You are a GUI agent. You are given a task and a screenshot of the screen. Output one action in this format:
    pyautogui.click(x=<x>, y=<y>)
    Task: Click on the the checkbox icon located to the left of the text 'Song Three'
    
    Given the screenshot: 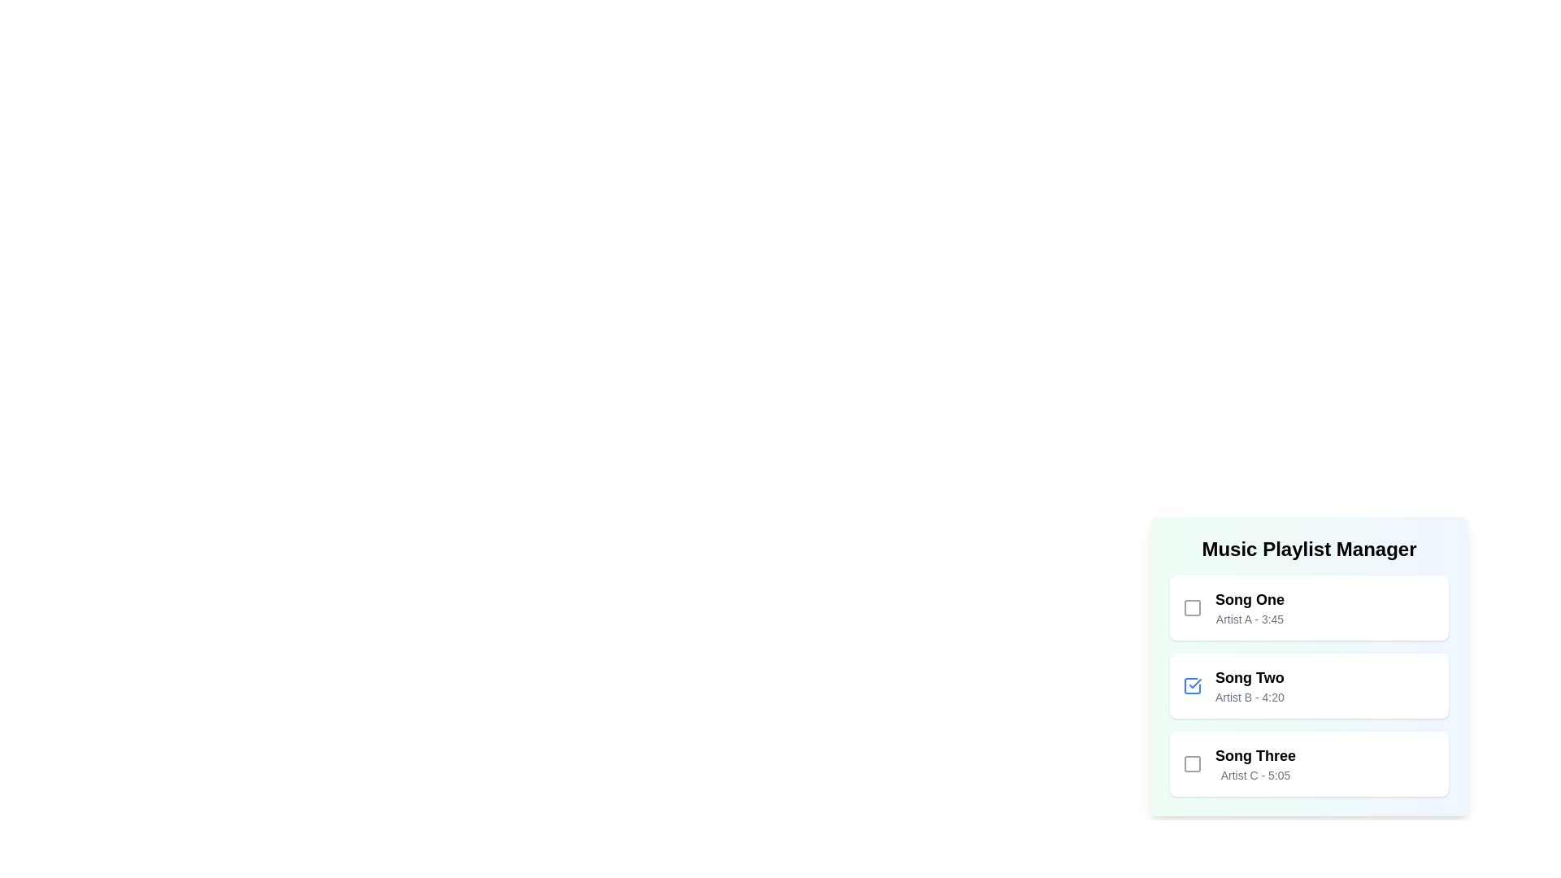 What is the action you would take?
    pyautogui.click(x=1193, y=764)
    